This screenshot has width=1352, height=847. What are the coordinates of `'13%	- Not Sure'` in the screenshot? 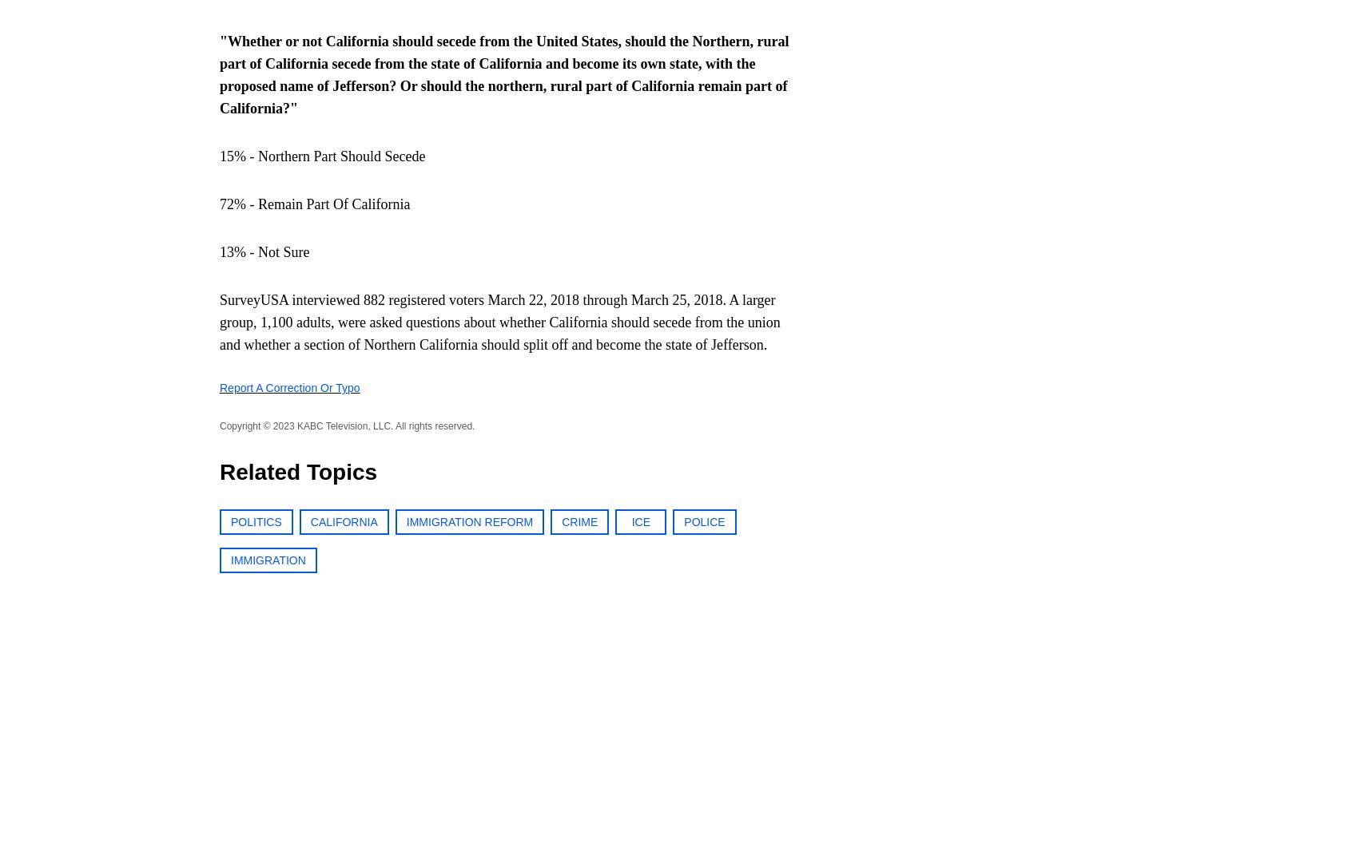 It's located at (263, 251).